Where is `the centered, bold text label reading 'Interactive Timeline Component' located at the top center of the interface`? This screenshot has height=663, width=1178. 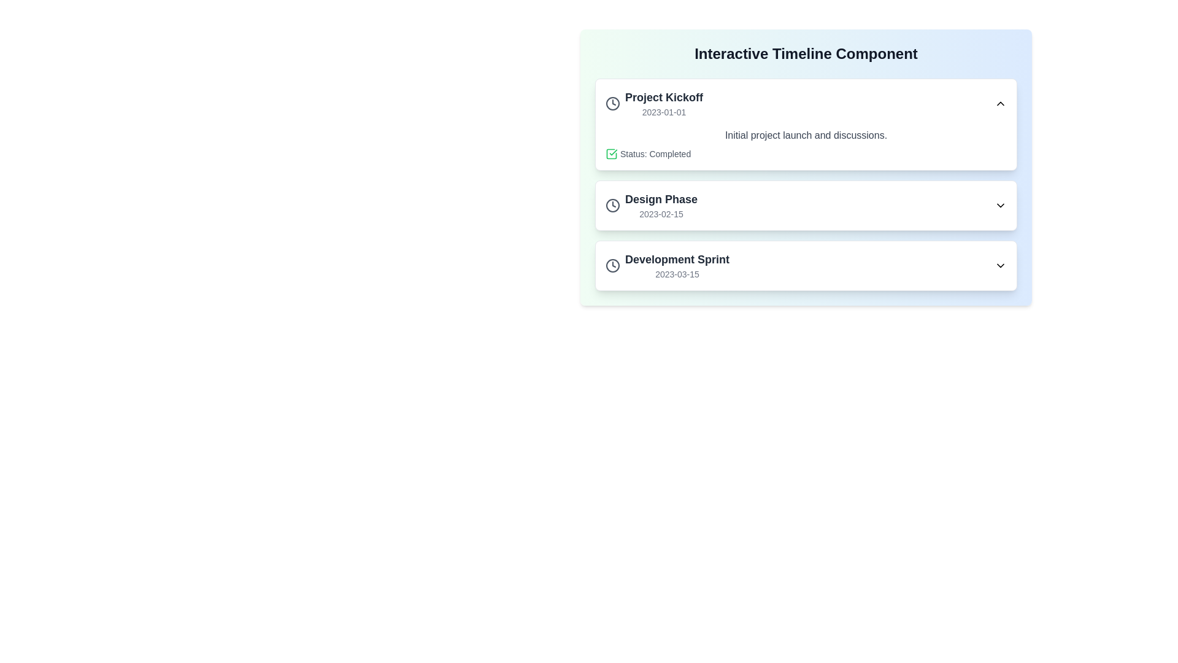
the centered, bold text label reading 'Interactive Timeline Component' located at the top center of the interface is located at coordinates (806, 53).